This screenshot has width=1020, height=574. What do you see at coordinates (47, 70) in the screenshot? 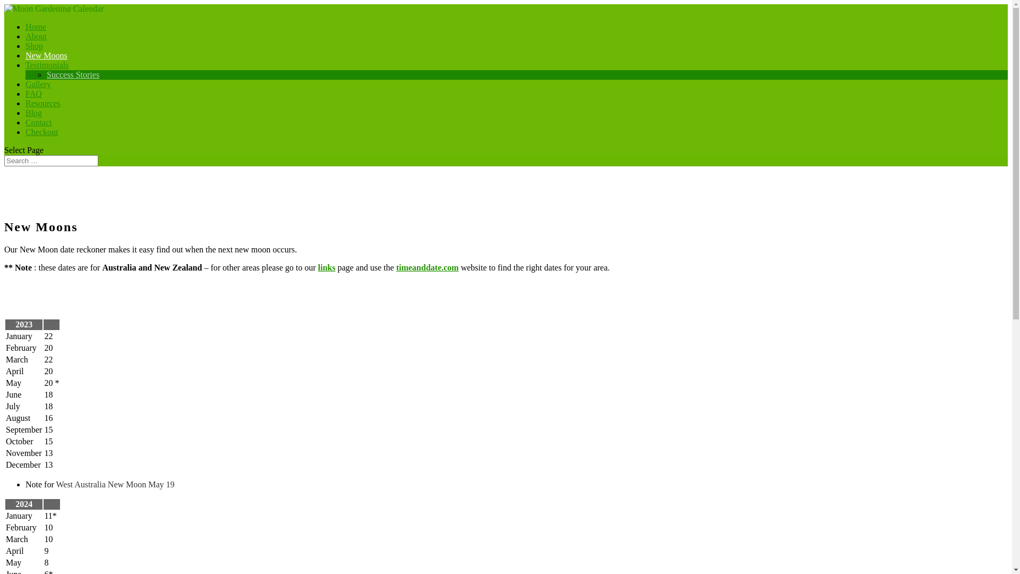
I see `'Testimonials'` at bounding box center [47, 70].